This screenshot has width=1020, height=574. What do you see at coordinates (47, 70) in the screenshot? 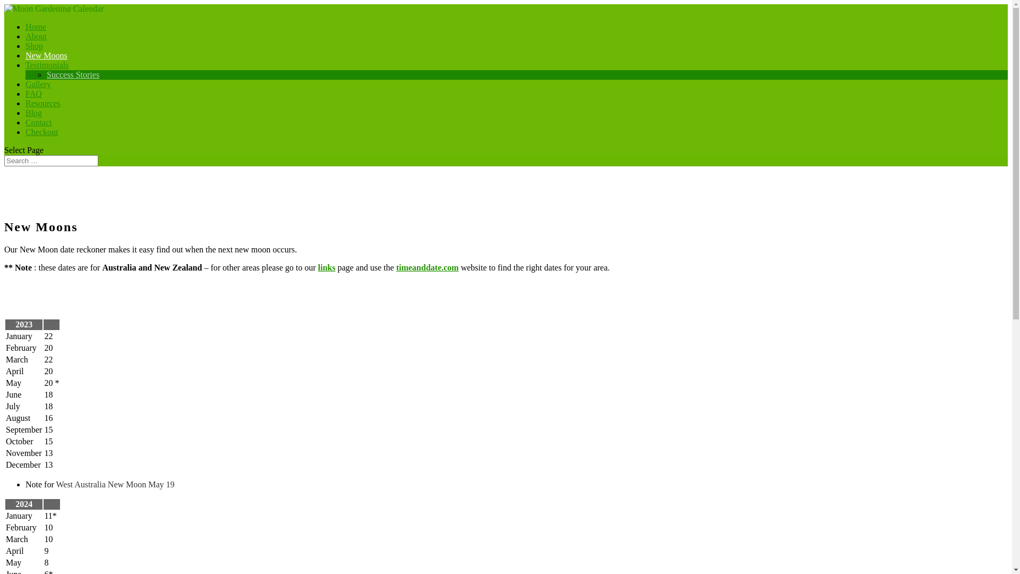
I see `'Testimonials'` at bounding box center [47, 70].